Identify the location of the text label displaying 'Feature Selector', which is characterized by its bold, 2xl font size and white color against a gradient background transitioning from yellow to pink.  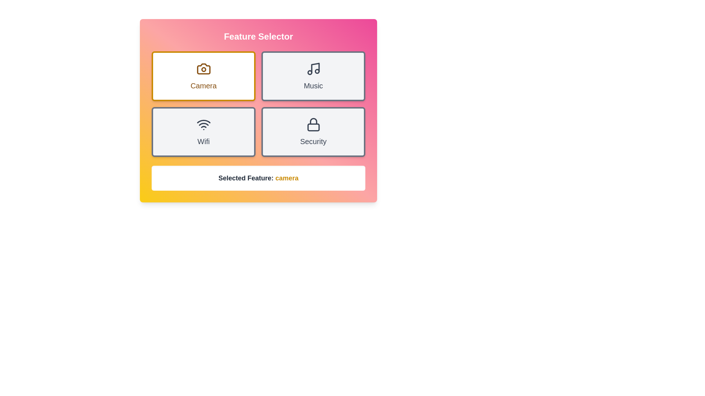
(258, 37).